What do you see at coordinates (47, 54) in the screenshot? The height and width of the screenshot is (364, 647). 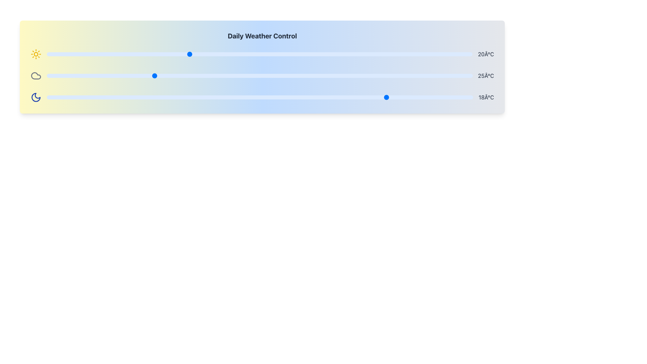 I see `the slider` at bounding box center [47, 54].